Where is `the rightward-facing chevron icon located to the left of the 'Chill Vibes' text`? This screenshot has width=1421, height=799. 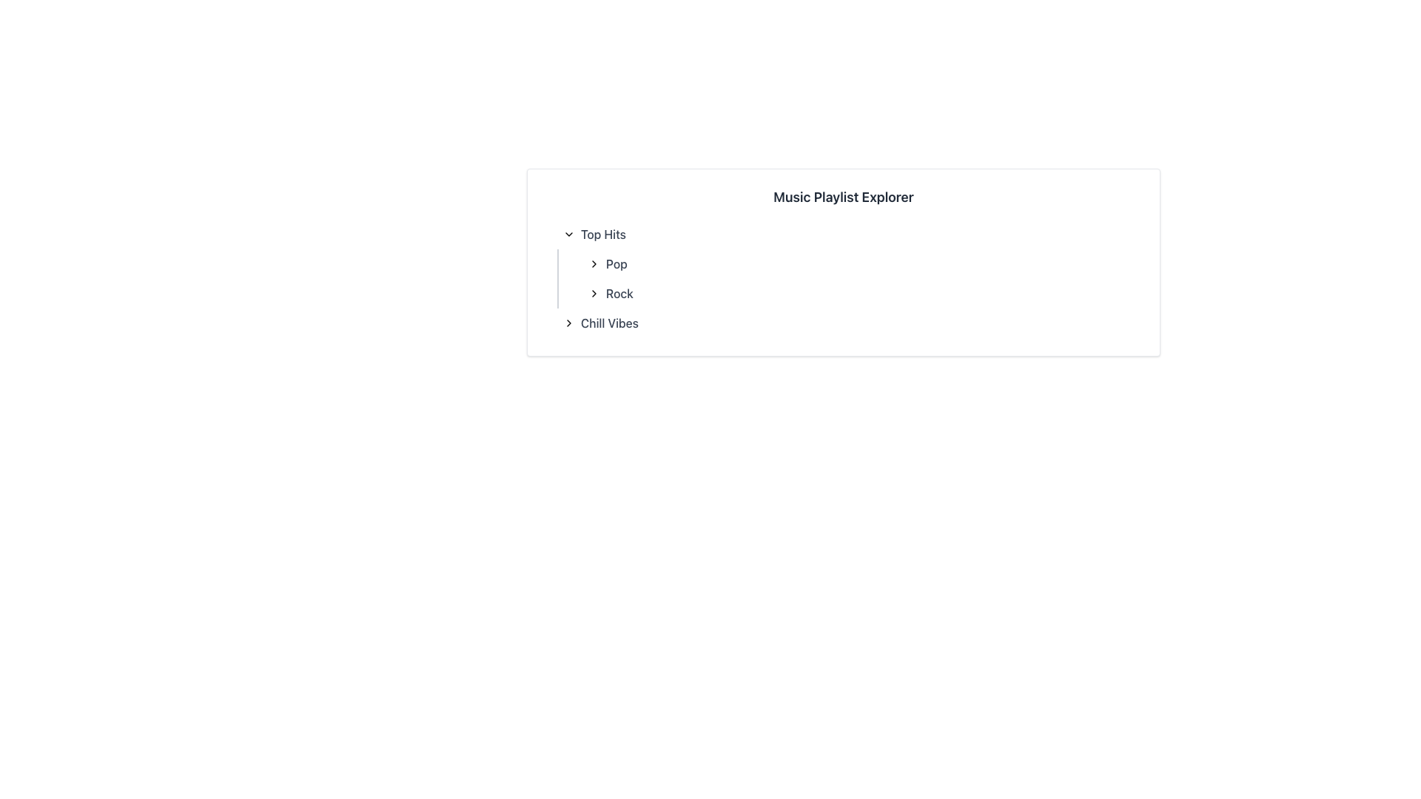 the rightward-facing chevron icon located to the left of the 'Chill Vibes' text is located at coordinates (568, 322).